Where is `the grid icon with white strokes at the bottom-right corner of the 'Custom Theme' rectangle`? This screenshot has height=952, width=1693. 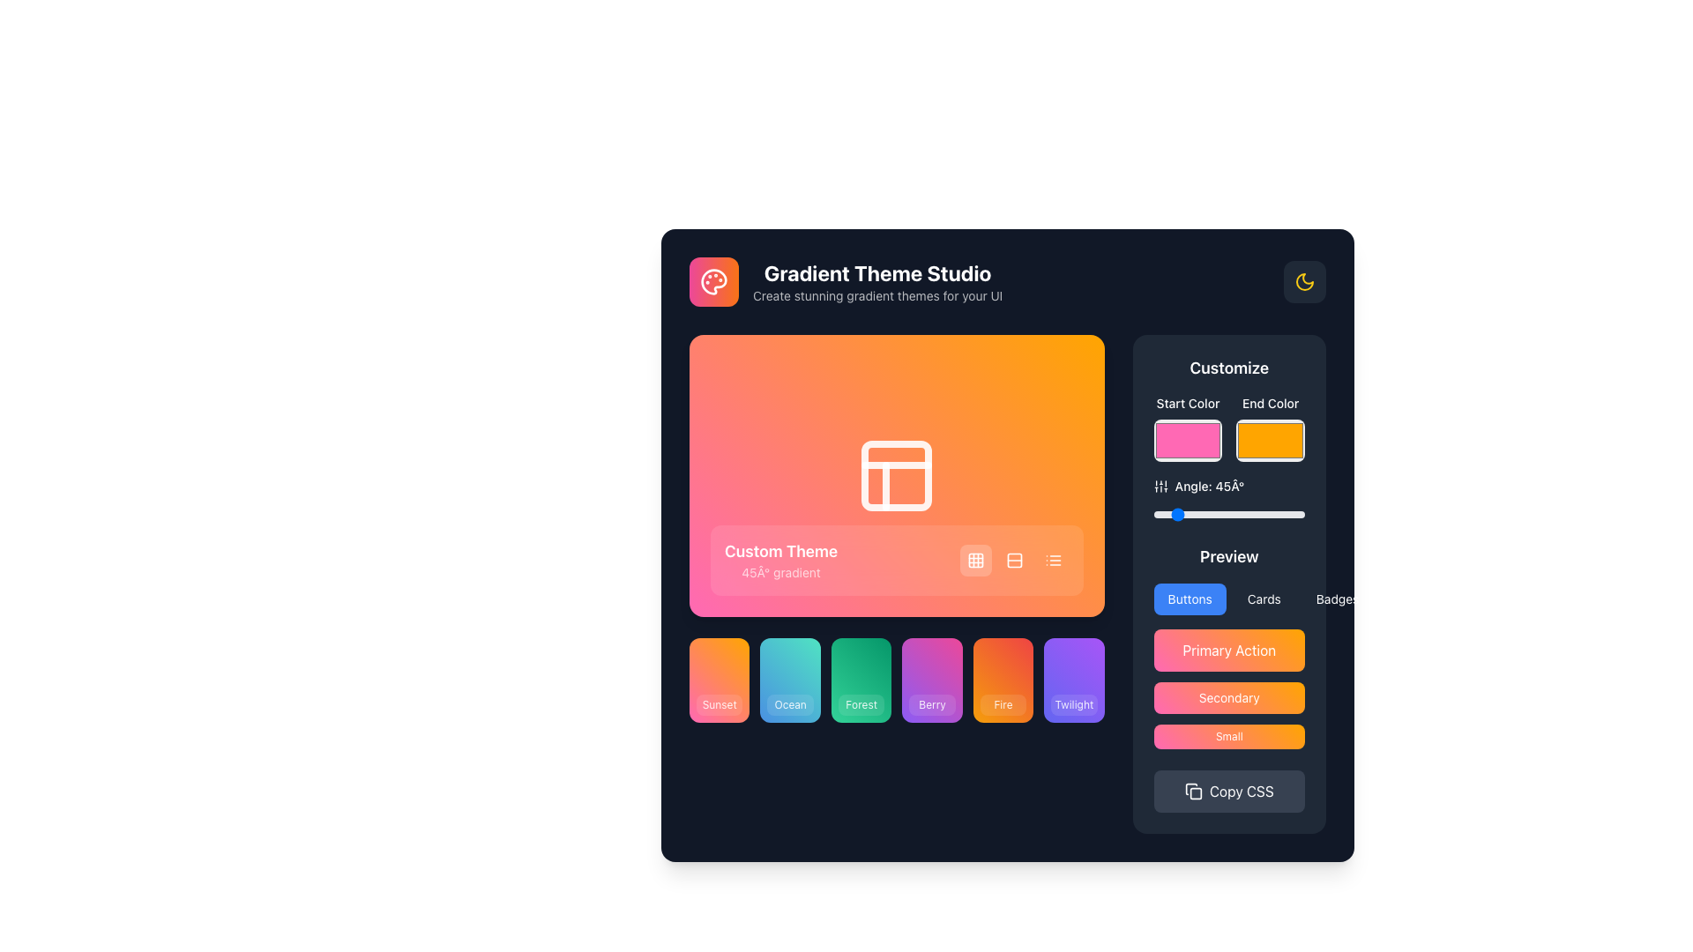 the grid icon with white strokes at the bottom-right corner of the 'Custom Theme' rectangle is located at coordinates (1014, 561).